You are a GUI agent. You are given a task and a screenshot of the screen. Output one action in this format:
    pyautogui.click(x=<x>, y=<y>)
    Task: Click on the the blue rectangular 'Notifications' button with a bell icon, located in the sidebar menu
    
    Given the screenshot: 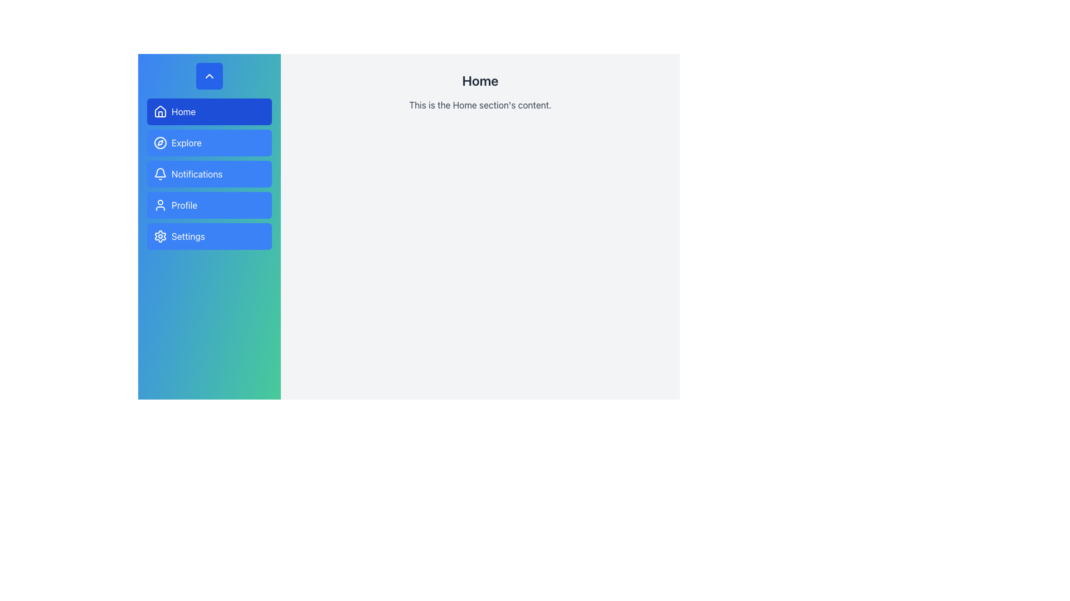 What is the action you would take?
    pyautogui.click(x=209, y=174)
    